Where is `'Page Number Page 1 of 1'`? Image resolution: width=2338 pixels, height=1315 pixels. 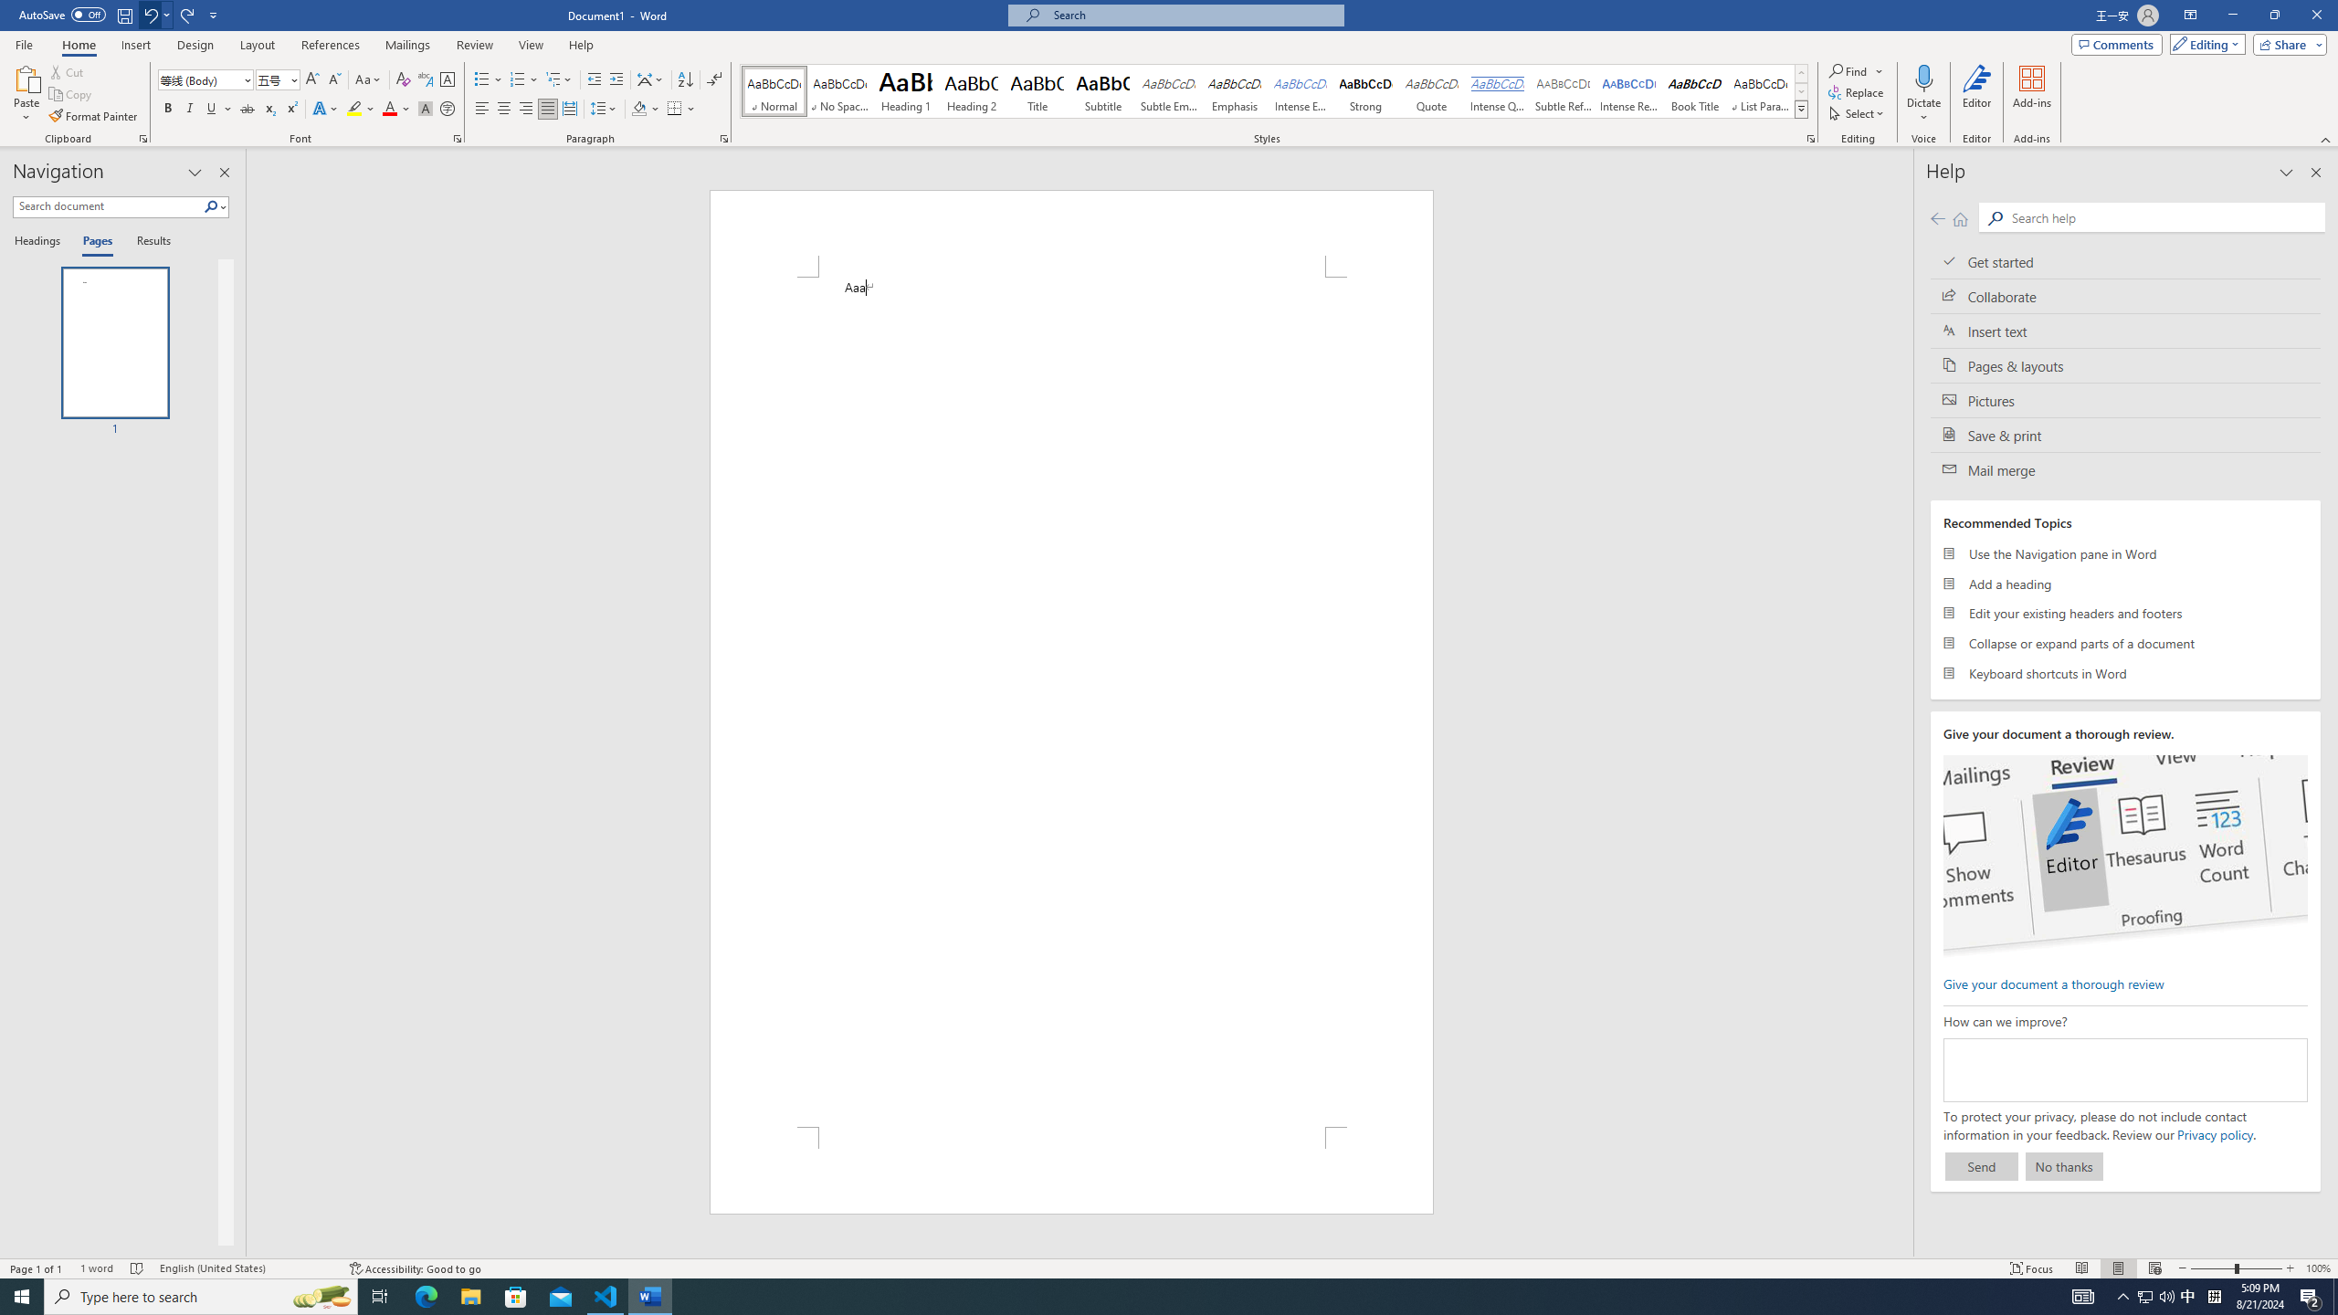
'Page Number Page 1 of 1' is located at coordinates (37, 1268).